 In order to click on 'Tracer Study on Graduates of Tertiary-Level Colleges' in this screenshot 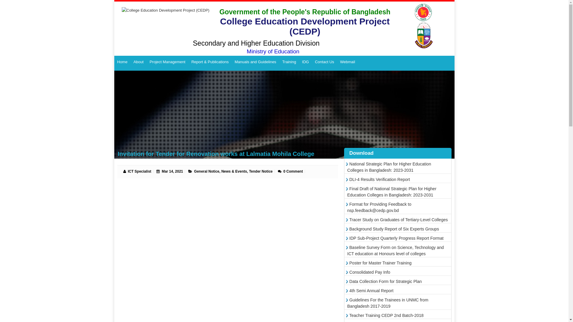, I will do `click(398, 219)`.